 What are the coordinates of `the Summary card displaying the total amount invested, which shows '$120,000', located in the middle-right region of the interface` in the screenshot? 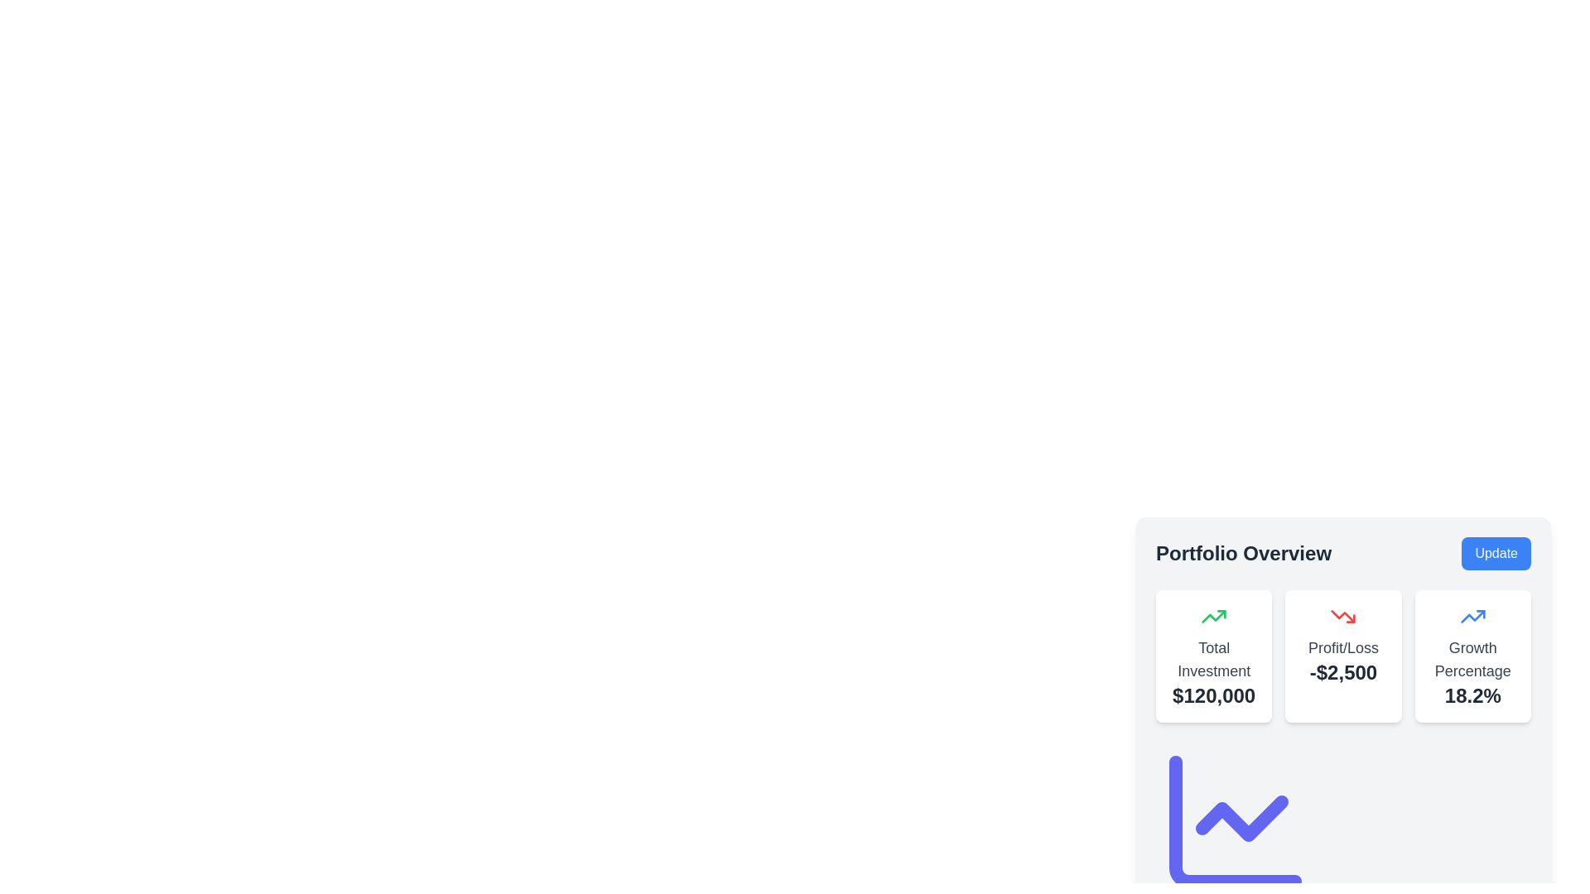 It's located at (1214, 656).